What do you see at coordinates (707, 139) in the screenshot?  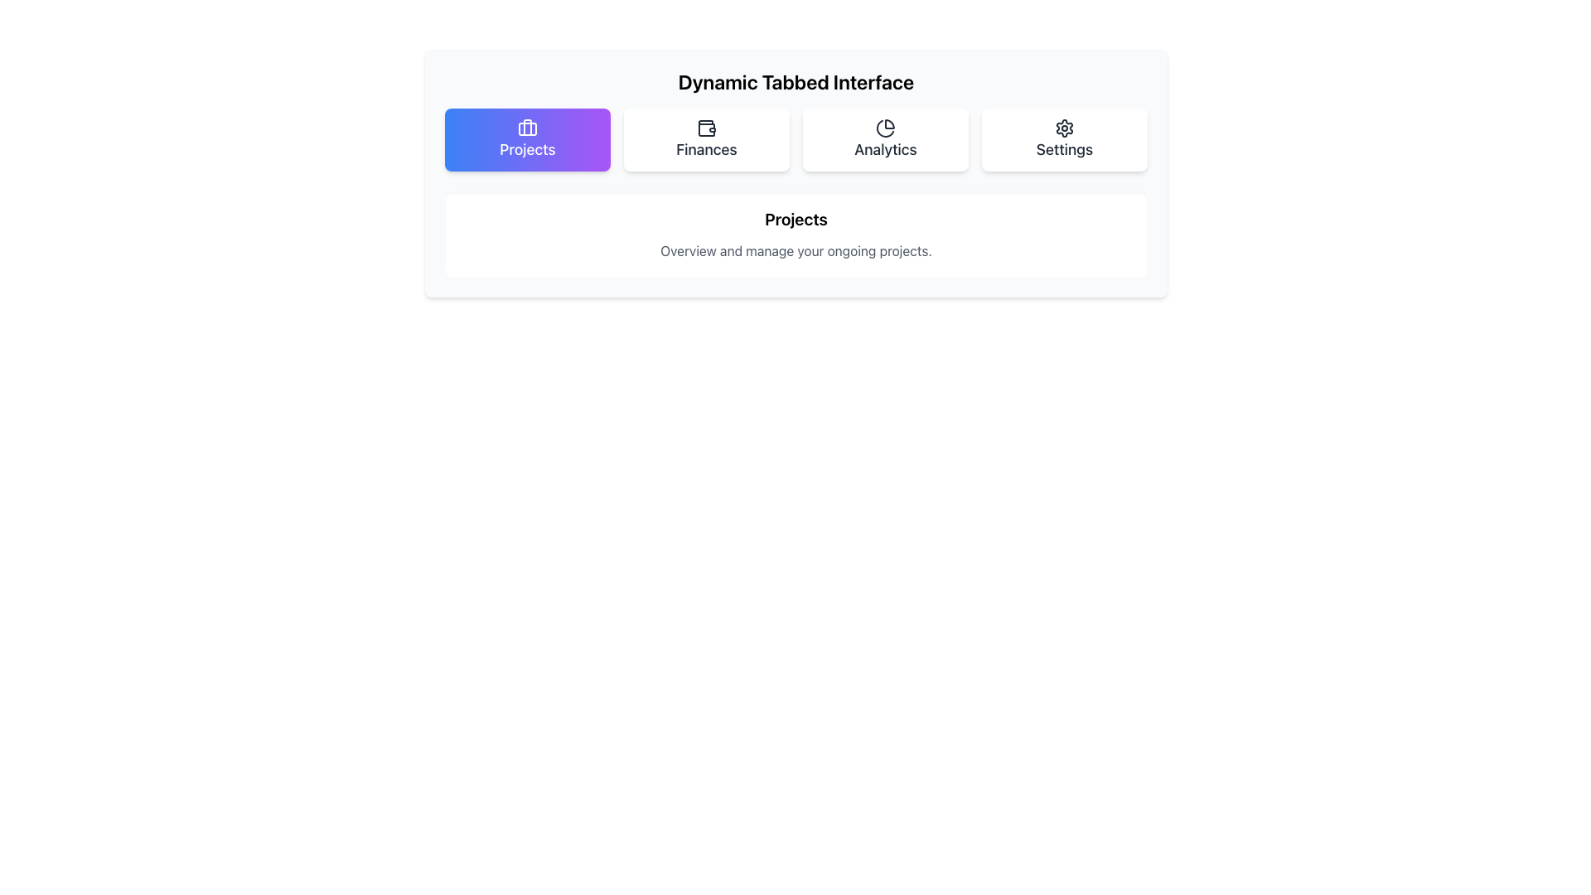 I see `the 'Finances' tab` at bounding box center [707, 139].